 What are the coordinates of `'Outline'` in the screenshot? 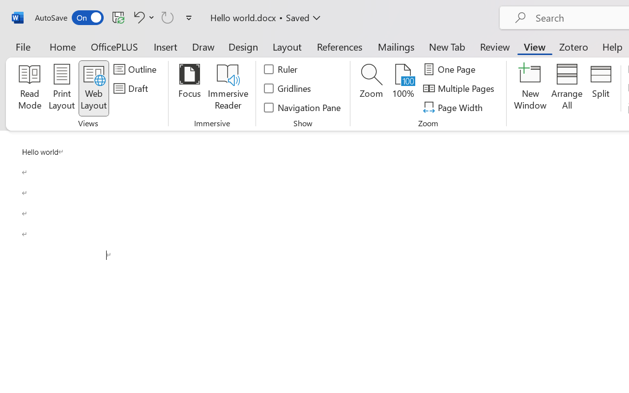 It's located at (136, 69).